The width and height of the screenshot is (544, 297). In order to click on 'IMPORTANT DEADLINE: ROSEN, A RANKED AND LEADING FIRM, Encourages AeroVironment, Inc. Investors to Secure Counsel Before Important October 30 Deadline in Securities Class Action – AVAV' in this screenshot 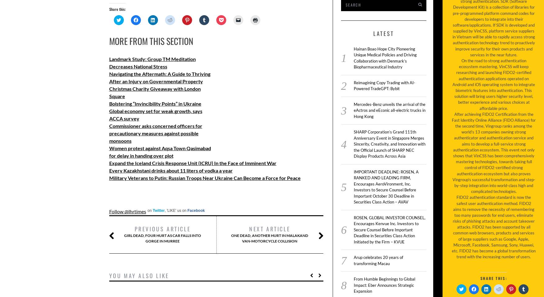, I will do `click(353, 186)`.